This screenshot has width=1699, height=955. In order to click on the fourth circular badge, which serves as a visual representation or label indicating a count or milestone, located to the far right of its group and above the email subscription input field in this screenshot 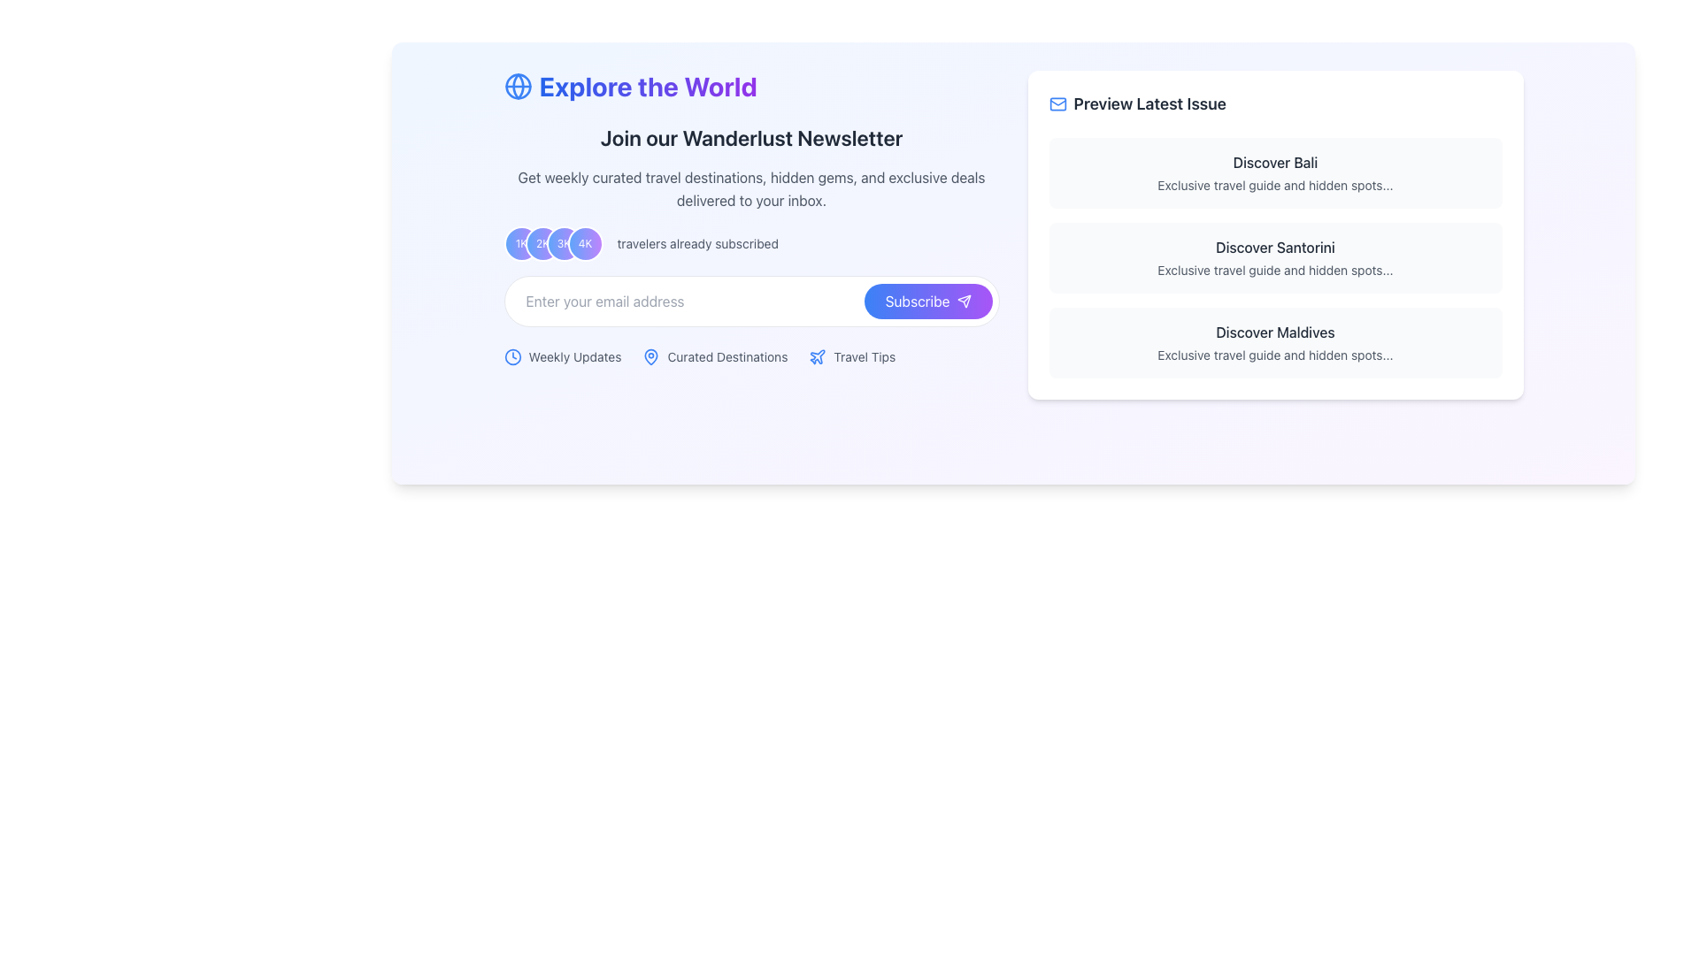, I will do `click(585, 244)`.